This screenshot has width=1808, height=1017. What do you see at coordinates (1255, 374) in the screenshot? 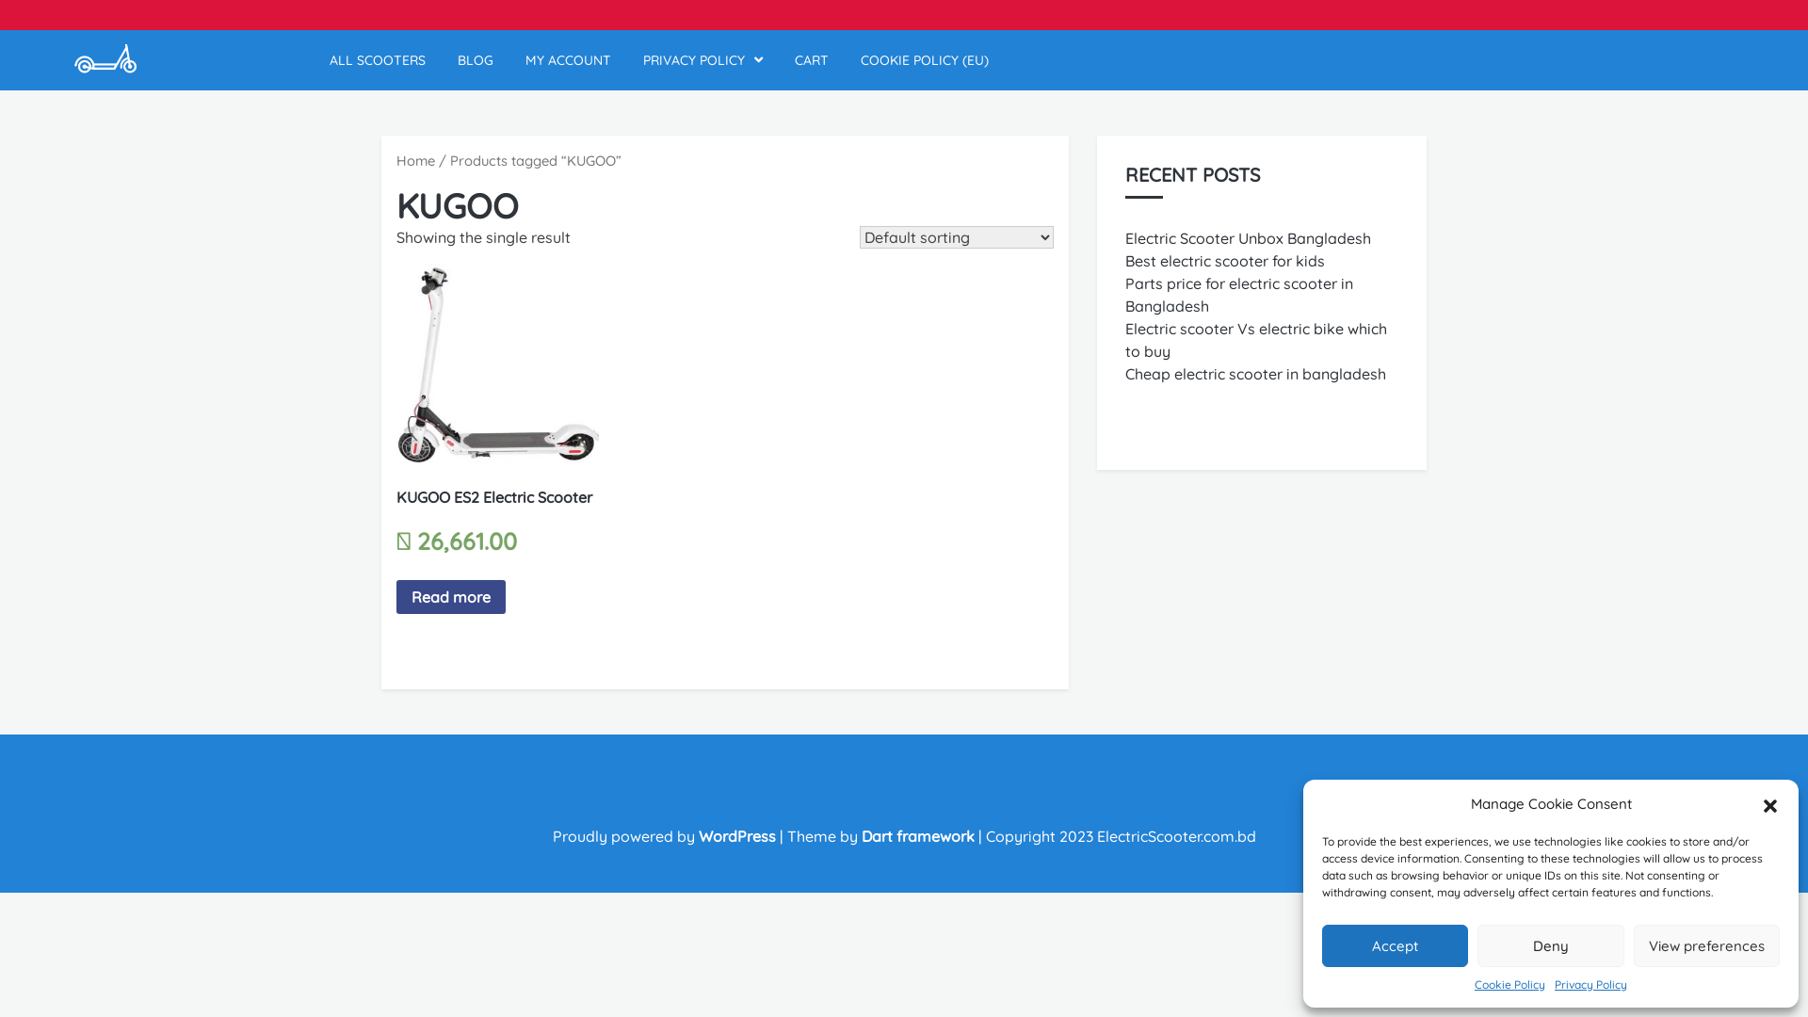
I see `'Cheap electric scooter in bangladesh'` at bounding box center [1255, 374].